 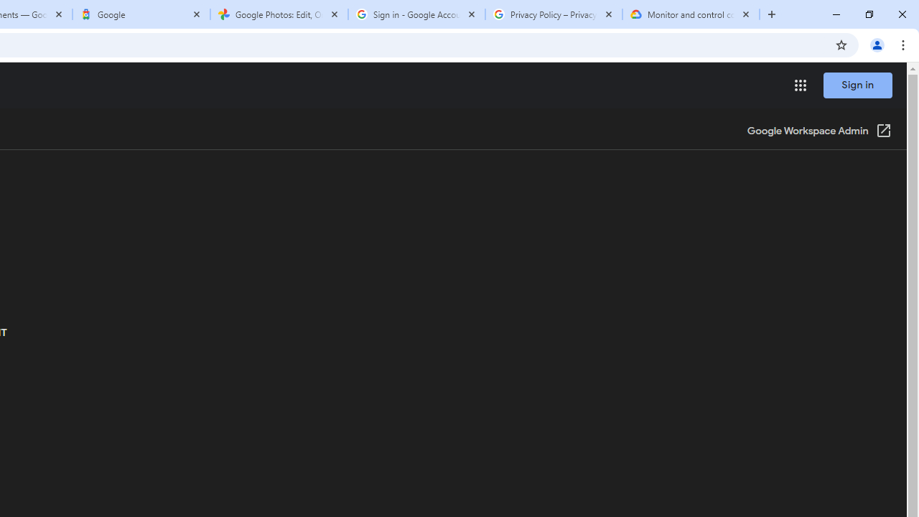 What do you see at coordinates (819, 131) in the screenshot?
I see `'Google Workspace Admin (Open in a new window)'` at bounding box center [819, 131].